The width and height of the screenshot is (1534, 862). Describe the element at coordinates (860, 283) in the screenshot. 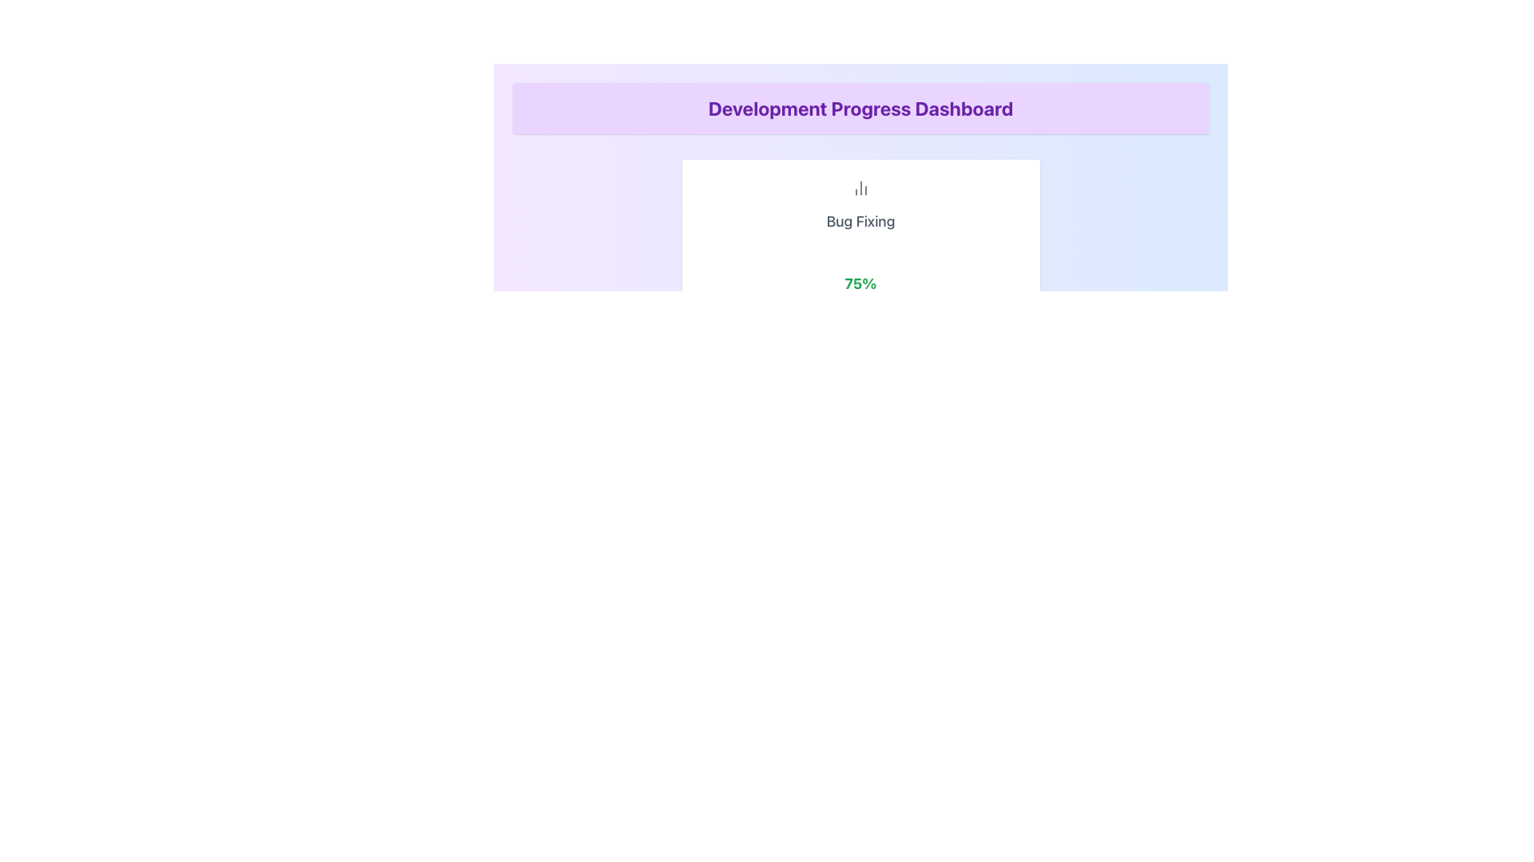

I see `displayed percentage from the circular Progress Indicator showing '75%' in bold green font` at that location.